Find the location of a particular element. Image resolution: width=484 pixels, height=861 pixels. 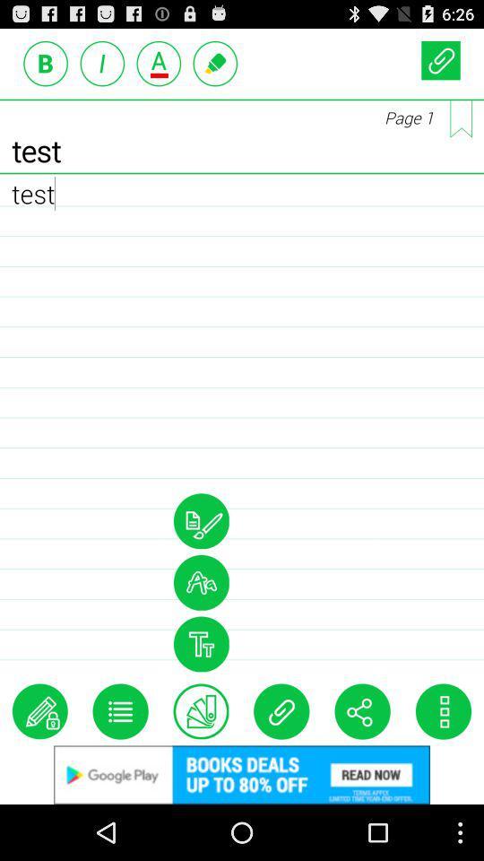

menu is located at coordinates (442, 711).